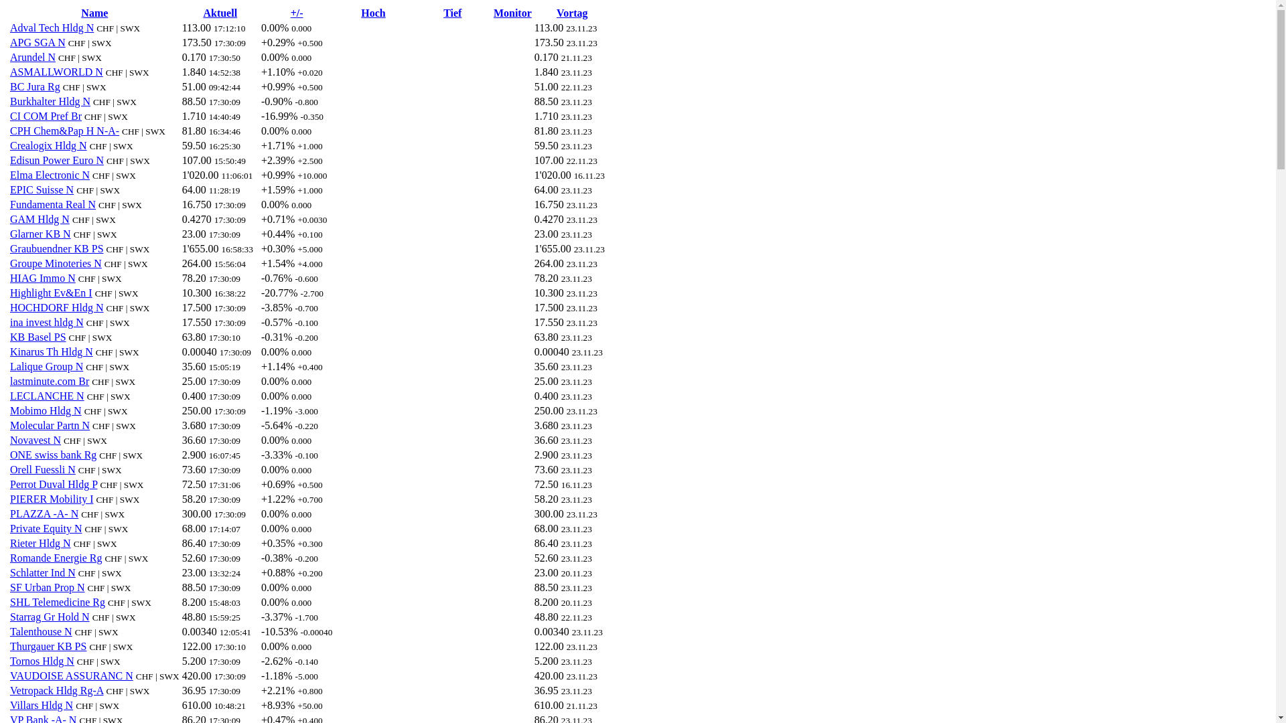 Image resolution: width=1286 pixels, height=723 pixels. Describe the element at coordinates (32, 56) in the screenshot. I see `'Arundel N'` at that location.